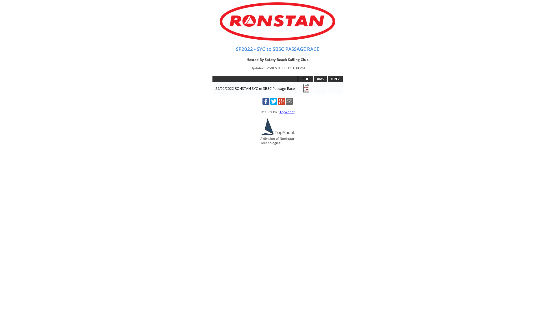 The height and width of the screenshot is (312, 555). I want to click on 'Share on Facebook', so click(266, 103).